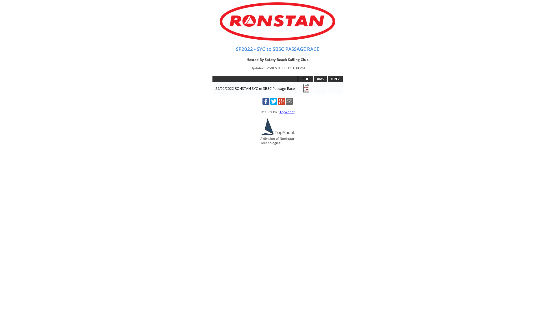 The height and width of the screenshot is (312, 555). I want to click on 'Share on Facebook', so click(266, 103).